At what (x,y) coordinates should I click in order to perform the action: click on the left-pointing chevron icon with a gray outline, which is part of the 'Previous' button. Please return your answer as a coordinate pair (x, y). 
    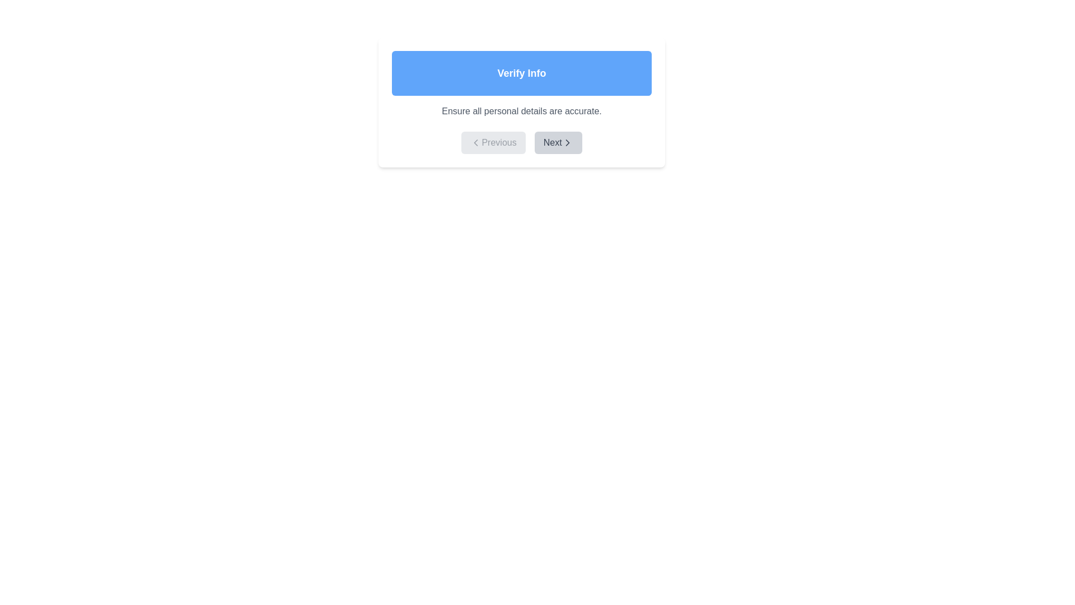
    Looking at the image, I should click on (475, 142).